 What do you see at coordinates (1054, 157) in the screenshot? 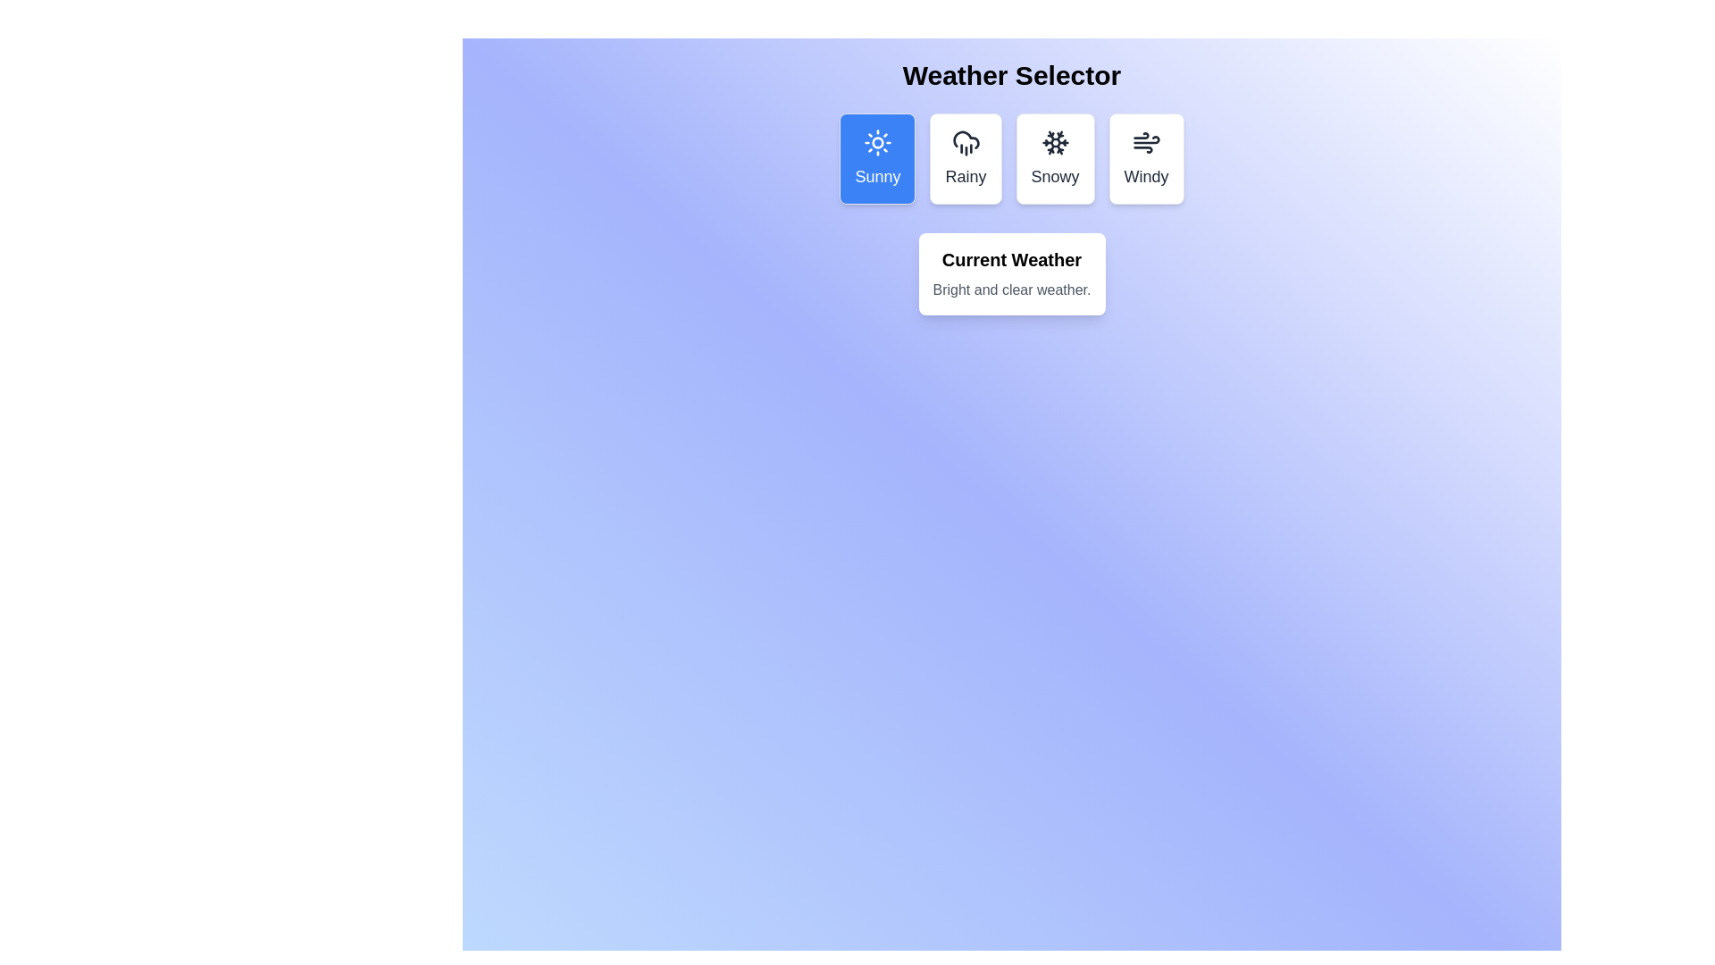
I see `the weather option Snowy by clicking on the respective button` at bounding box center [1054, 157].